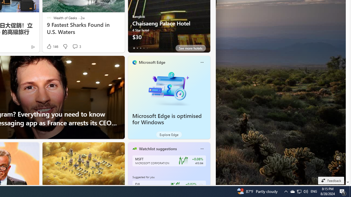 Image resolution: width=351 pixels, height=197 pixels. What do you see at coordinates (169, 88) in the screenshot?
I see `'Microsoft Edge is optimised for Windows'` at bounding box center [169, 88].